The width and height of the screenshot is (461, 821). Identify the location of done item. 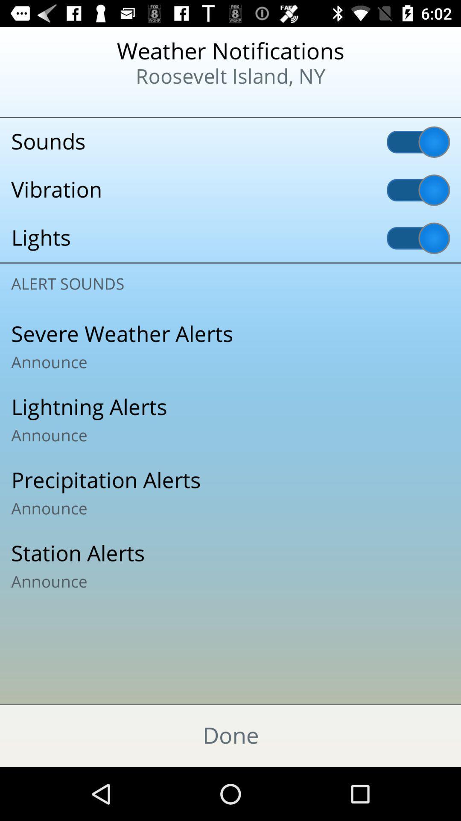
(230, 735).